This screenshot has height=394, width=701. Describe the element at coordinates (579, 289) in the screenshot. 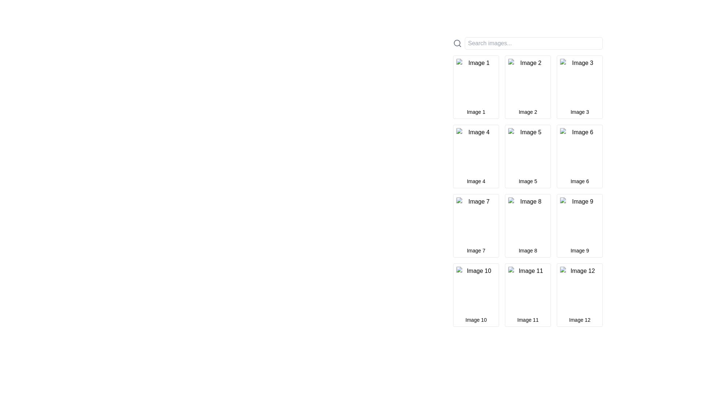

I see `the image thumbnail labeled 'Image 12'` at that location.